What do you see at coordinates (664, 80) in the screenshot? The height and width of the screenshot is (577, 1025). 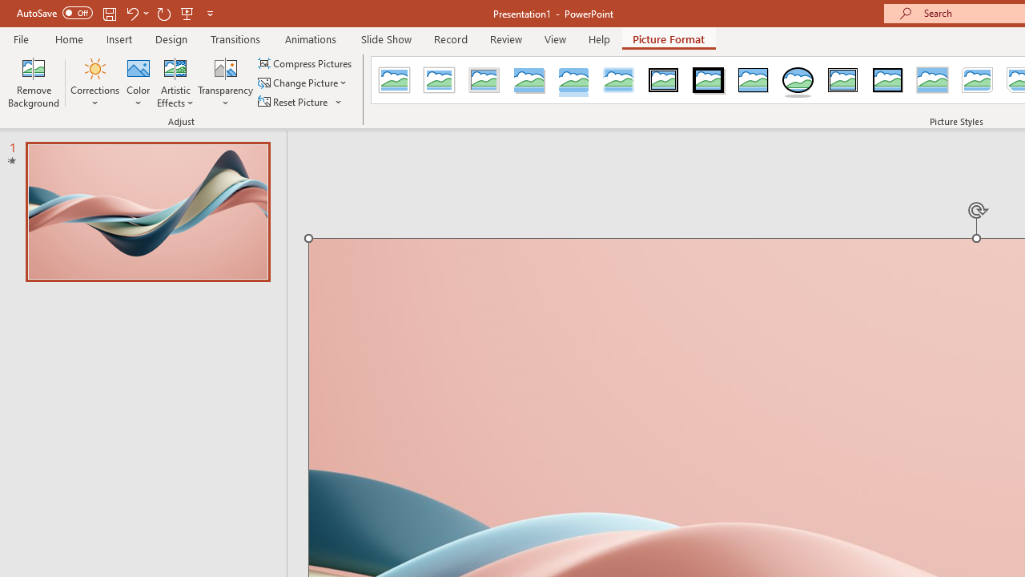 I see `'Double Frame, Black'` at bounding box center [664, 80].